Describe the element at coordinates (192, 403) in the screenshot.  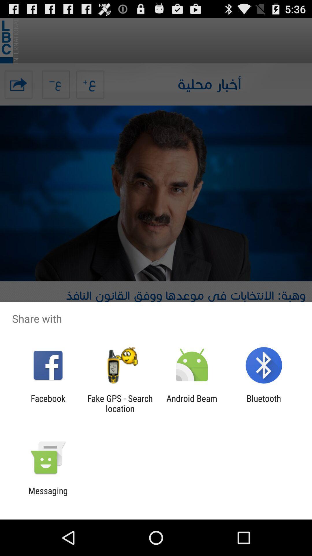
I see `icon next to fake gps search` at that location.